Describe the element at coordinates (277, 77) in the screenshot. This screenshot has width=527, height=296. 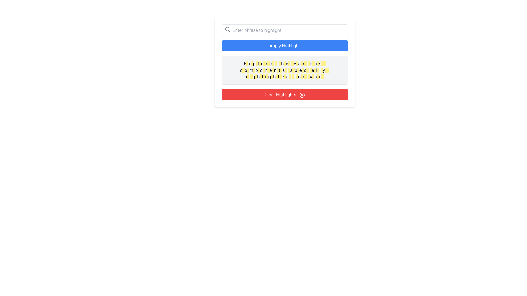
I see `the 8th text highlight within the third line of text, which has a yellow background and dark yellow text color, located below the blue 'Apply Highlight' button` at that location.